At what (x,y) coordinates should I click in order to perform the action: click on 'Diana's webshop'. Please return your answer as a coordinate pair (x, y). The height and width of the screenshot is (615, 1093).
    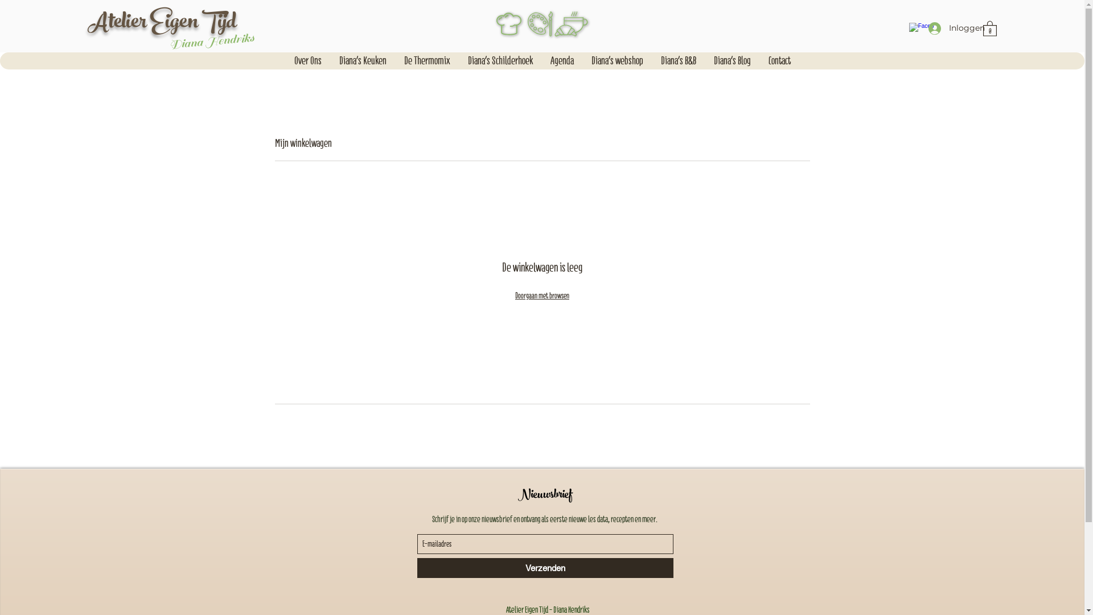
    Looking at the image, I should click on (617, 61).